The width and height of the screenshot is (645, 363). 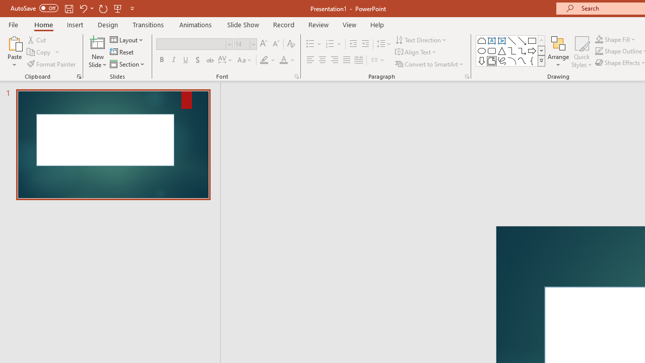 What do you see at coordinates (347, 60) in the screenshot?
I see `'Justify'` at bounding box center [347, 60].